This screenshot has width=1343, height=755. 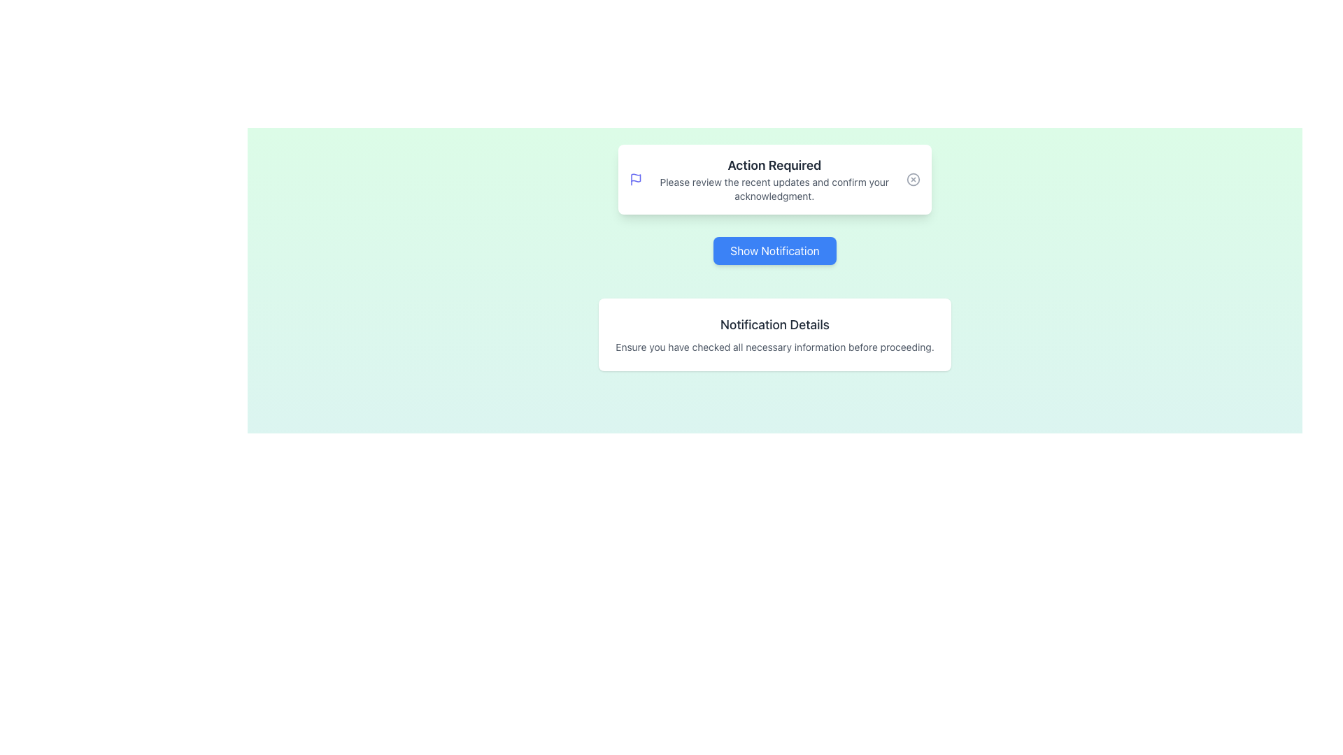 I want to click on the rectangular button with rounded corners and a blue background labeled 'Show Notification', so click(x=774, y=250).